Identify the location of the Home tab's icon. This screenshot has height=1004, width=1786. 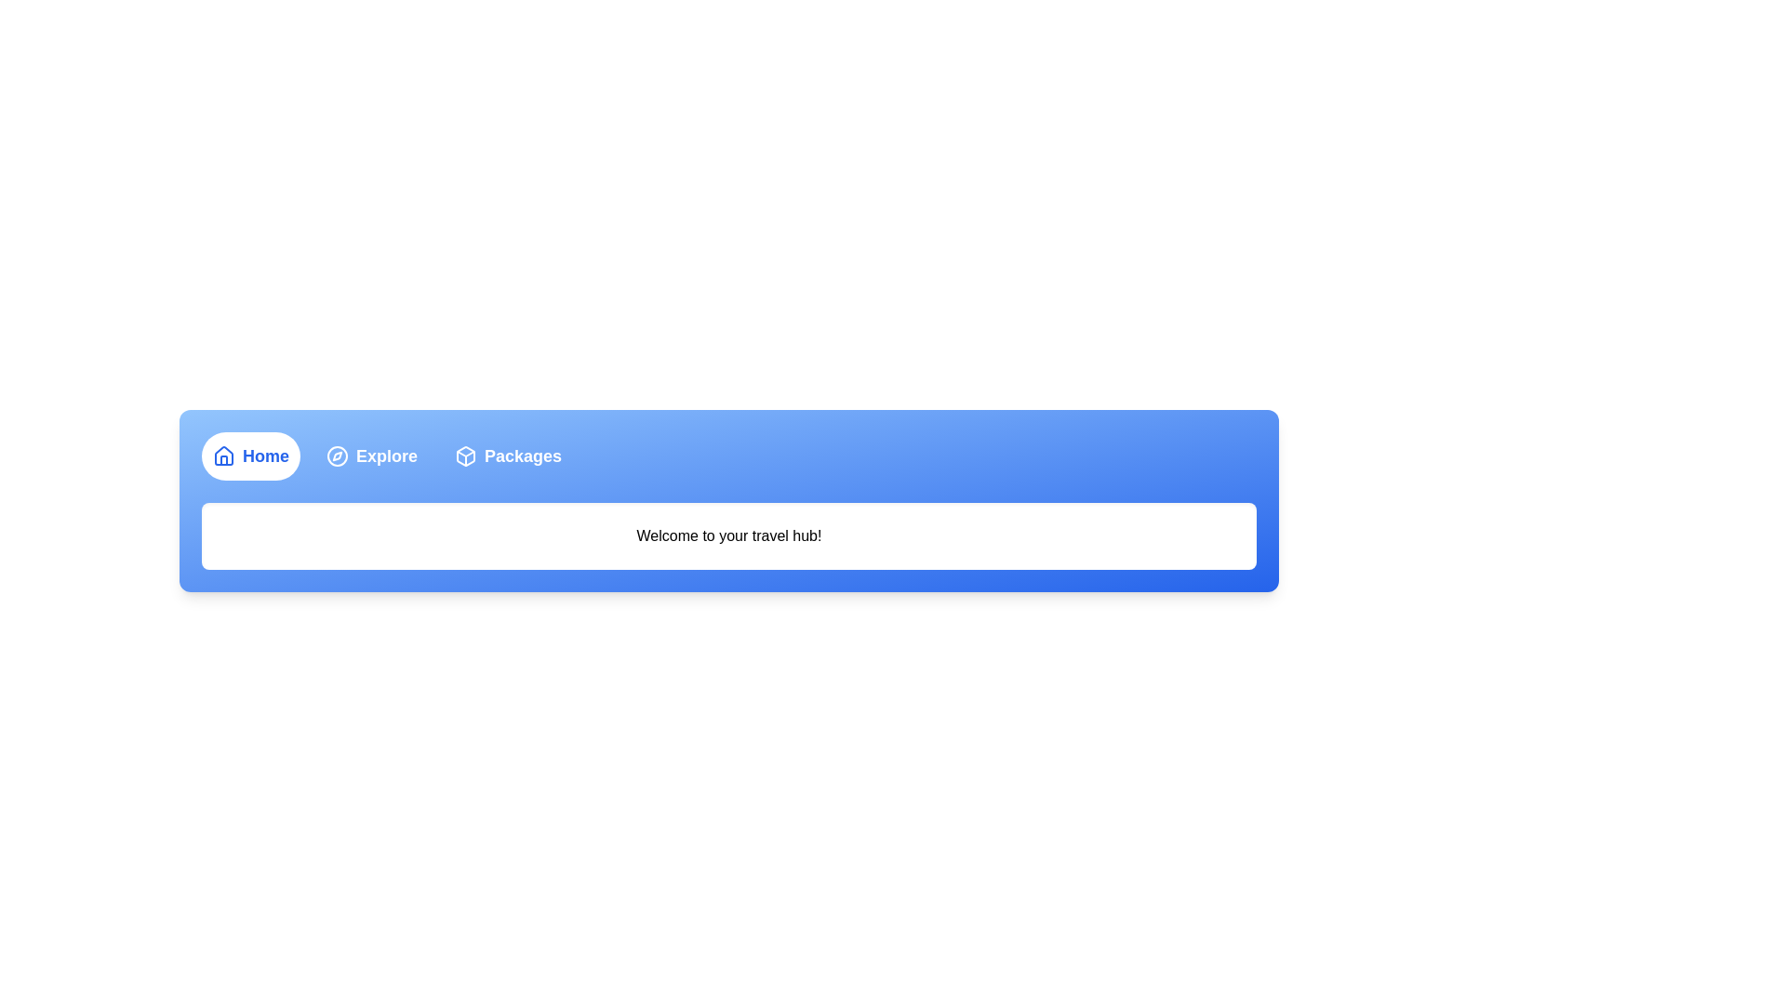
(223, 456).